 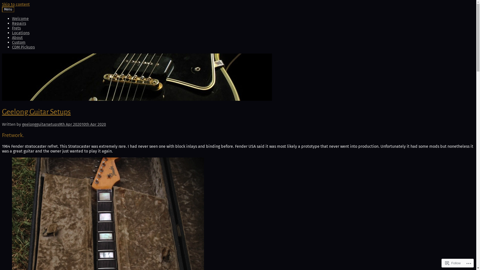 I want to click on 'Follow', so click(x=453, y=263).